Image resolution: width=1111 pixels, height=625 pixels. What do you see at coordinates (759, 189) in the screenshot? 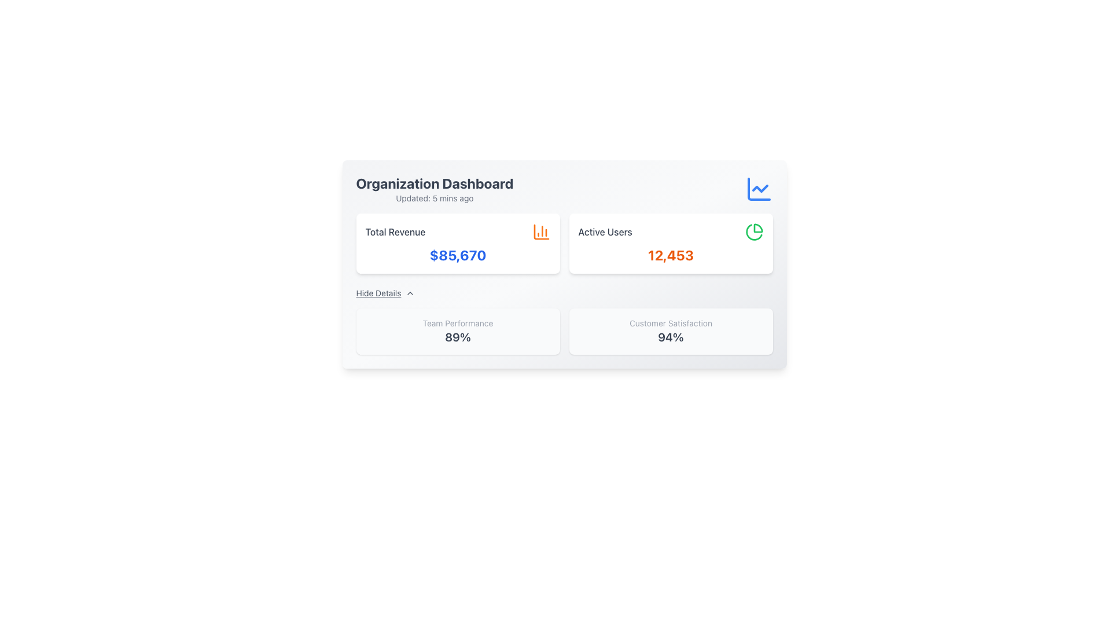
I see `the blue stroke of the line chart icon located in the top right corner of the dashboard card` at bounding box center [759, 189].